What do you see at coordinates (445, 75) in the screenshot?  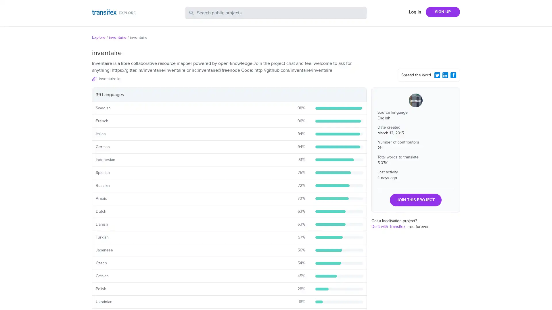 I see `LinkedIn Share` at bounding box center [445, 75].